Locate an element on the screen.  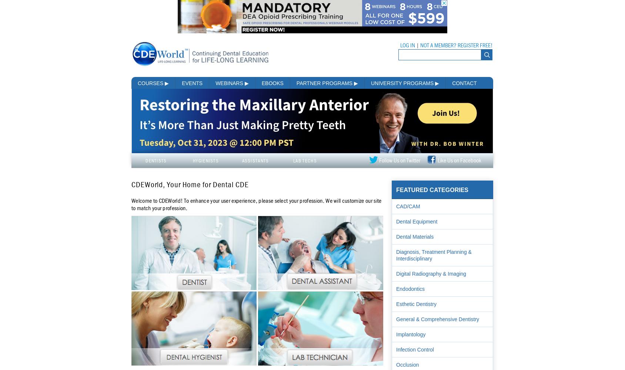
'CAD/CAM' is located at coordinates (407, 206).